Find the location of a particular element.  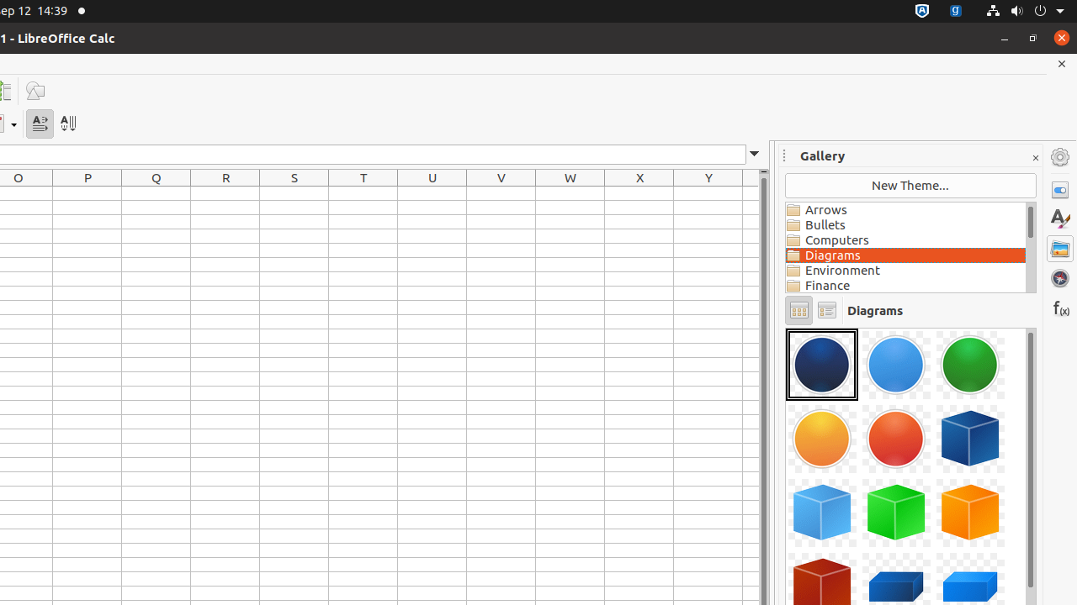

'Diagrams' is located at coordinates (905, 255).